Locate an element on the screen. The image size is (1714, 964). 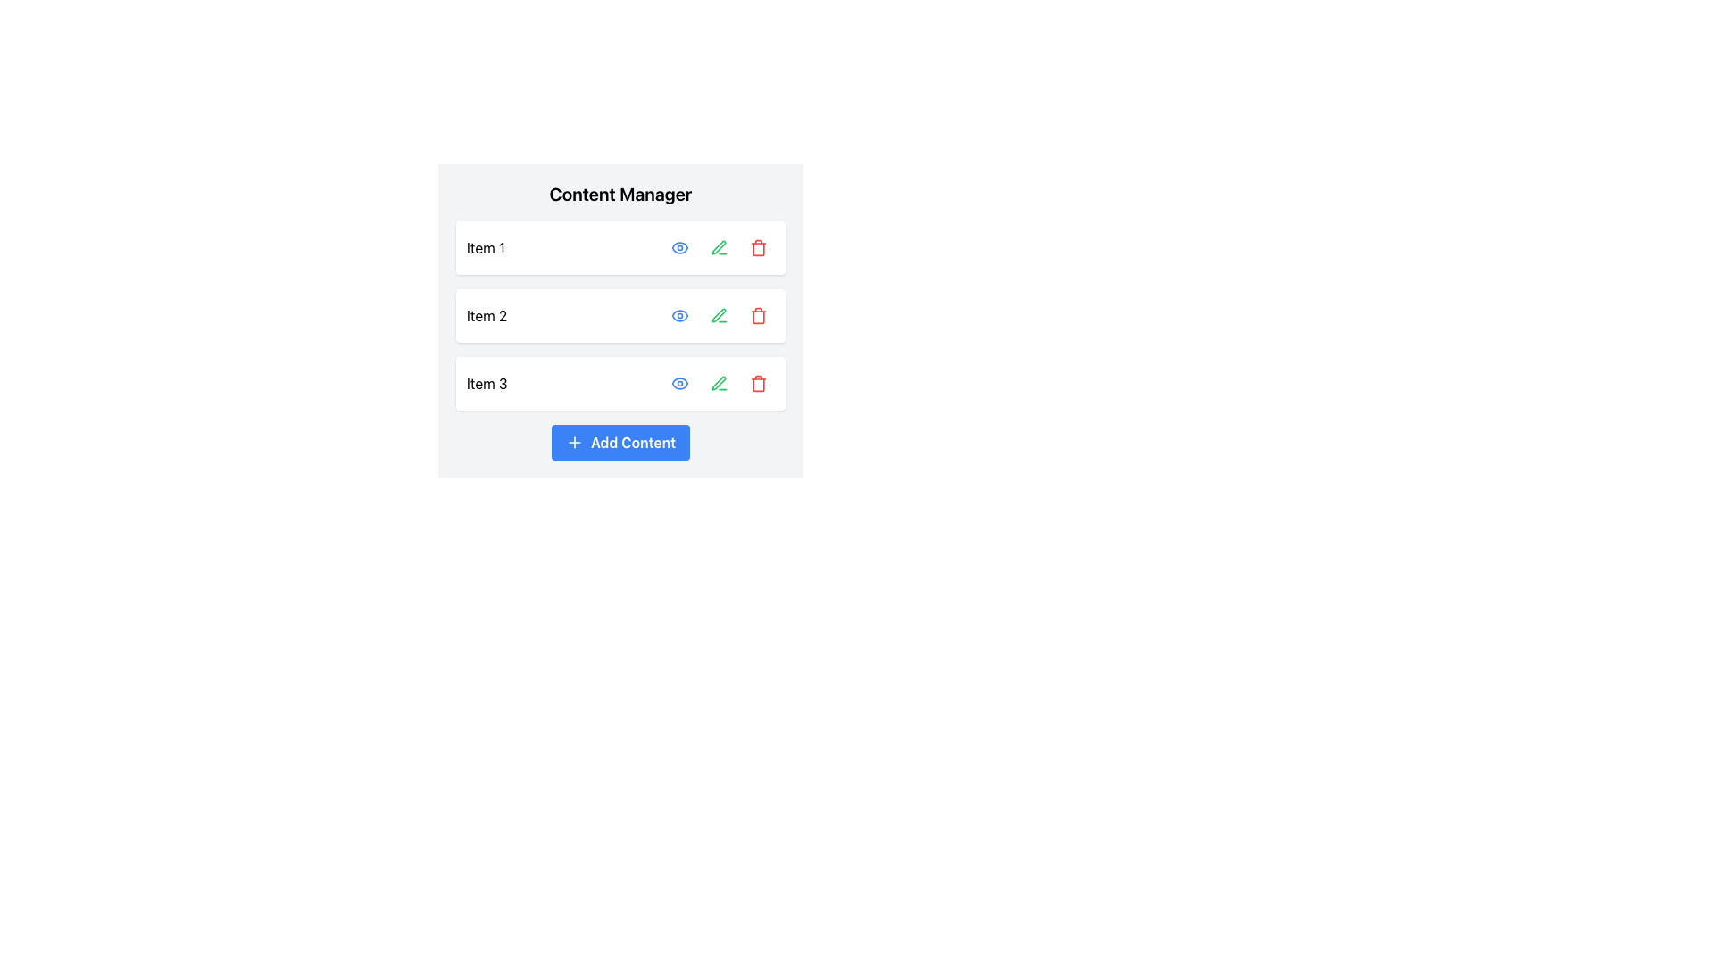
the 'Edit' icon button for Item 3, located between the blue eye icon and the red trash bin icon, to change its background color is located at coordinates (720, 382).